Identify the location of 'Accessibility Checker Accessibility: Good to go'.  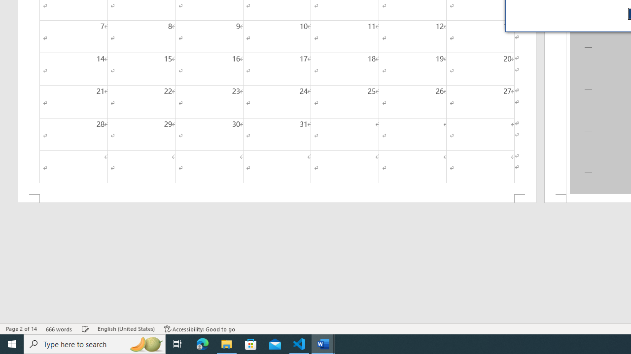
(199, 329).